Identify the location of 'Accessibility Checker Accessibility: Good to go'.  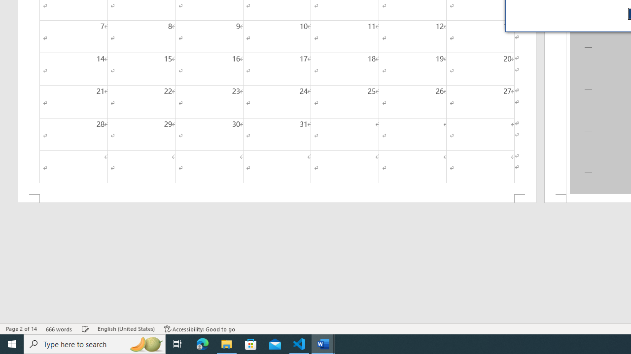
(199, 329).